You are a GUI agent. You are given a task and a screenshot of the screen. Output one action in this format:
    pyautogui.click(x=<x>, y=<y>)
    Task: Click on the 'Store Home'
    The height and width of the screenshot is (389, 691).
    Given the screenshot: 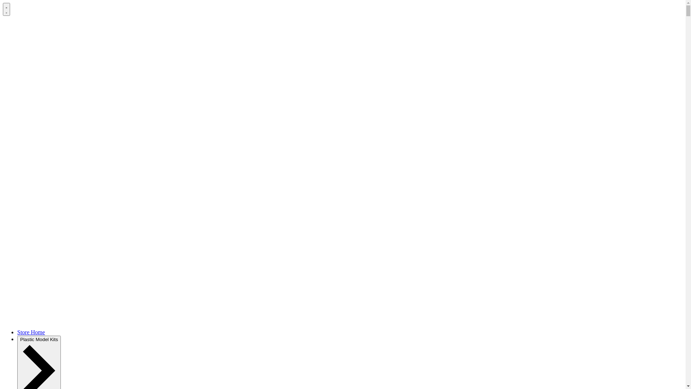 What is the action you would take?
    pyautogui.click(x=31, y=332)
    